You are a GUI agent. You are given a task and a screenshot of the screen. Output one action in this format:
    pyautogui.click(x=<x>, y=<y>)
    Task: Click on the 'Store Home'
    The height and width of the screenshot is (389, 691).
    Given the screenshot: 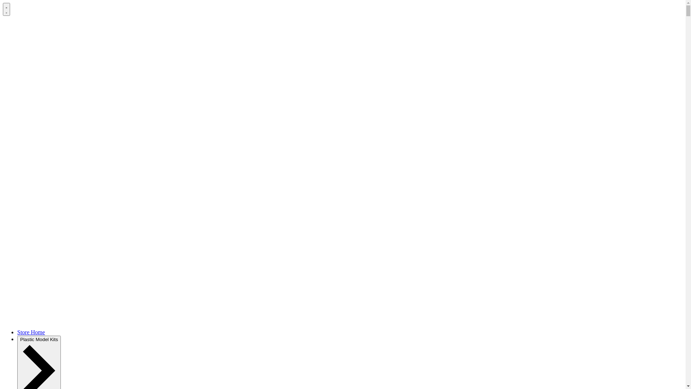 What is the action you would take?
    pyautogui.click(x=31, y=332)
    